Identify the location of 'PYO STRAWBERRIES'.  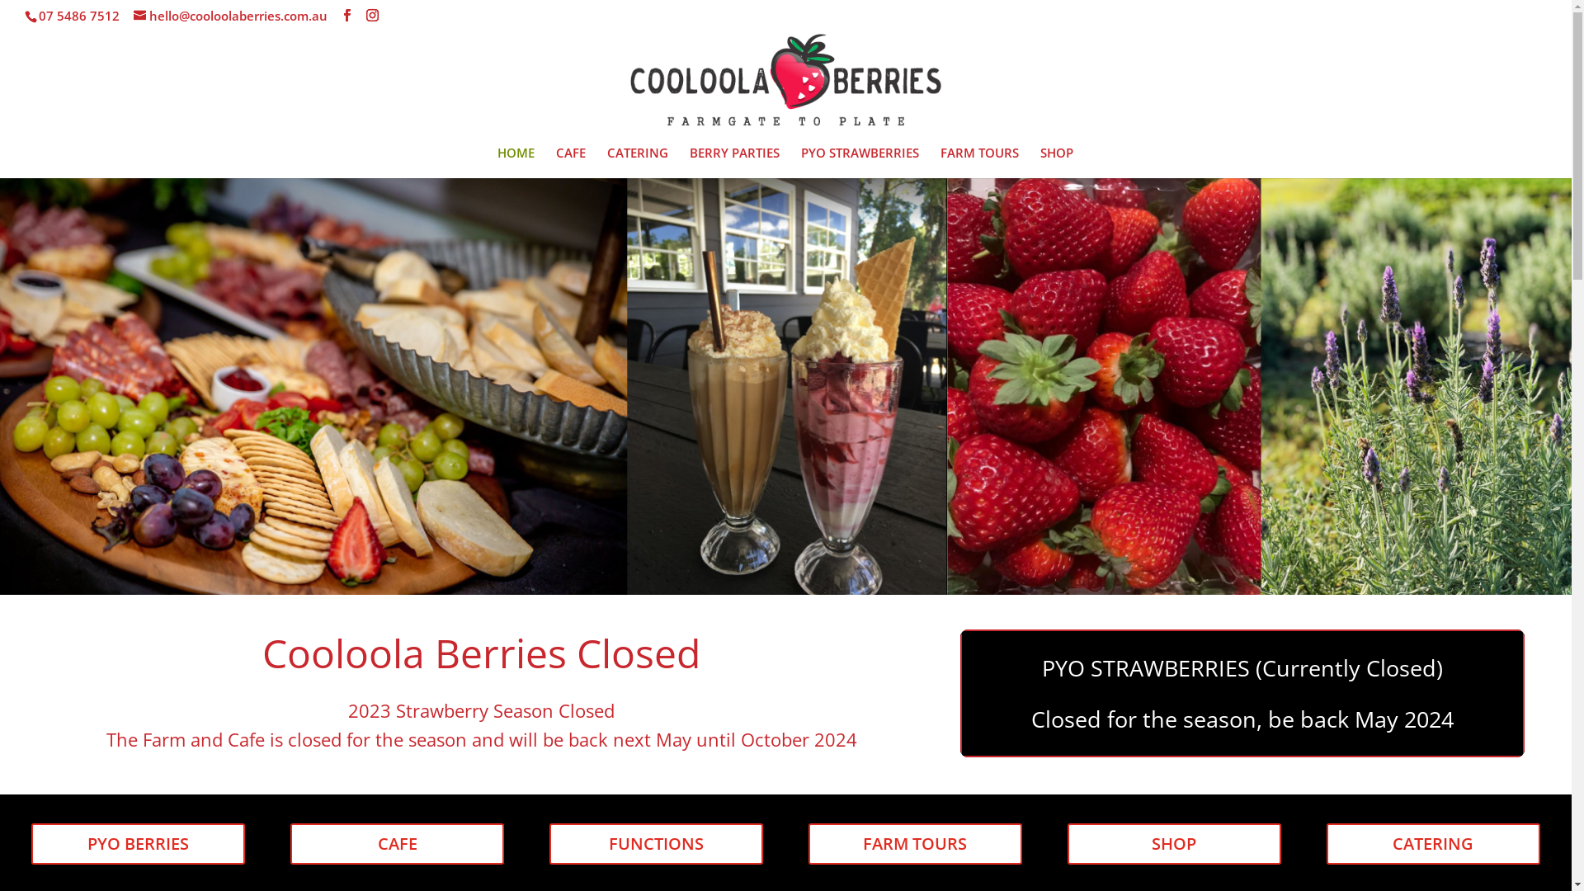
(858, 162).